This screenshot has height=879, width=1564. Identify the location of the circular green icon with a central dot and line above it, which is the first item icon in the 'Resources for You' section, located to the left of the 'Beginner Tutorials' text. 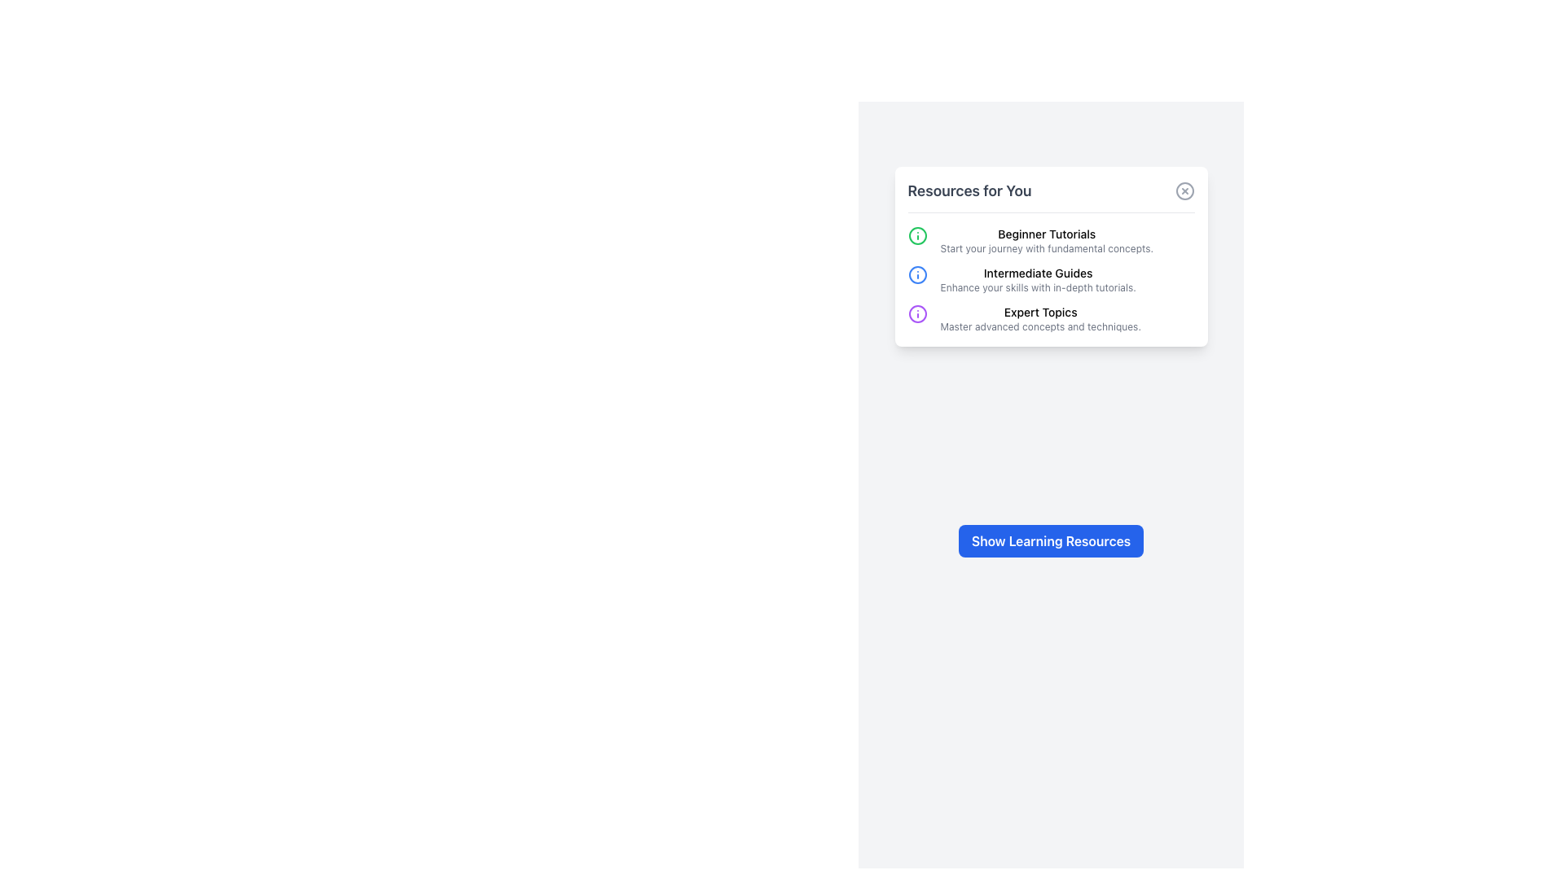
(917, 235).